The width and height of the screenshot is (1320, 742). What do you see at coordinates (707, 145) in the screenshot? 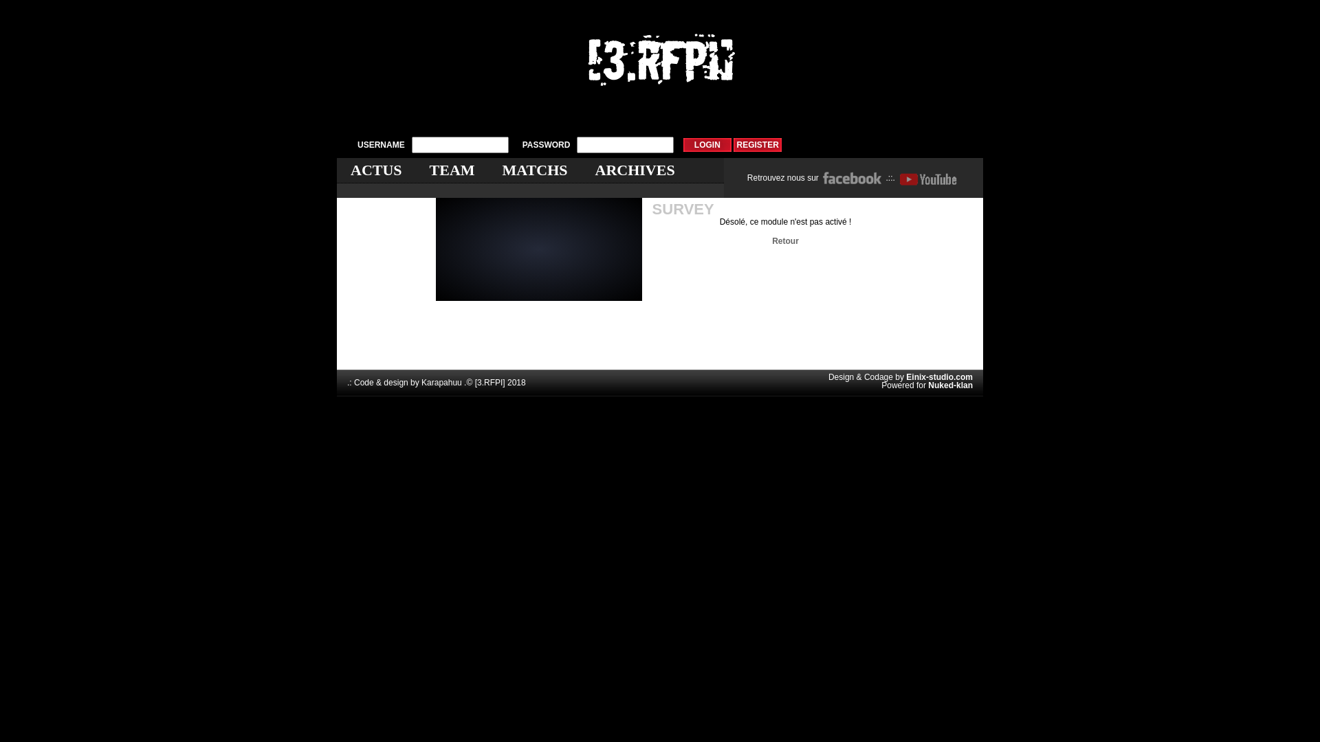
I see `'login'` at bounding box center [707, 145].